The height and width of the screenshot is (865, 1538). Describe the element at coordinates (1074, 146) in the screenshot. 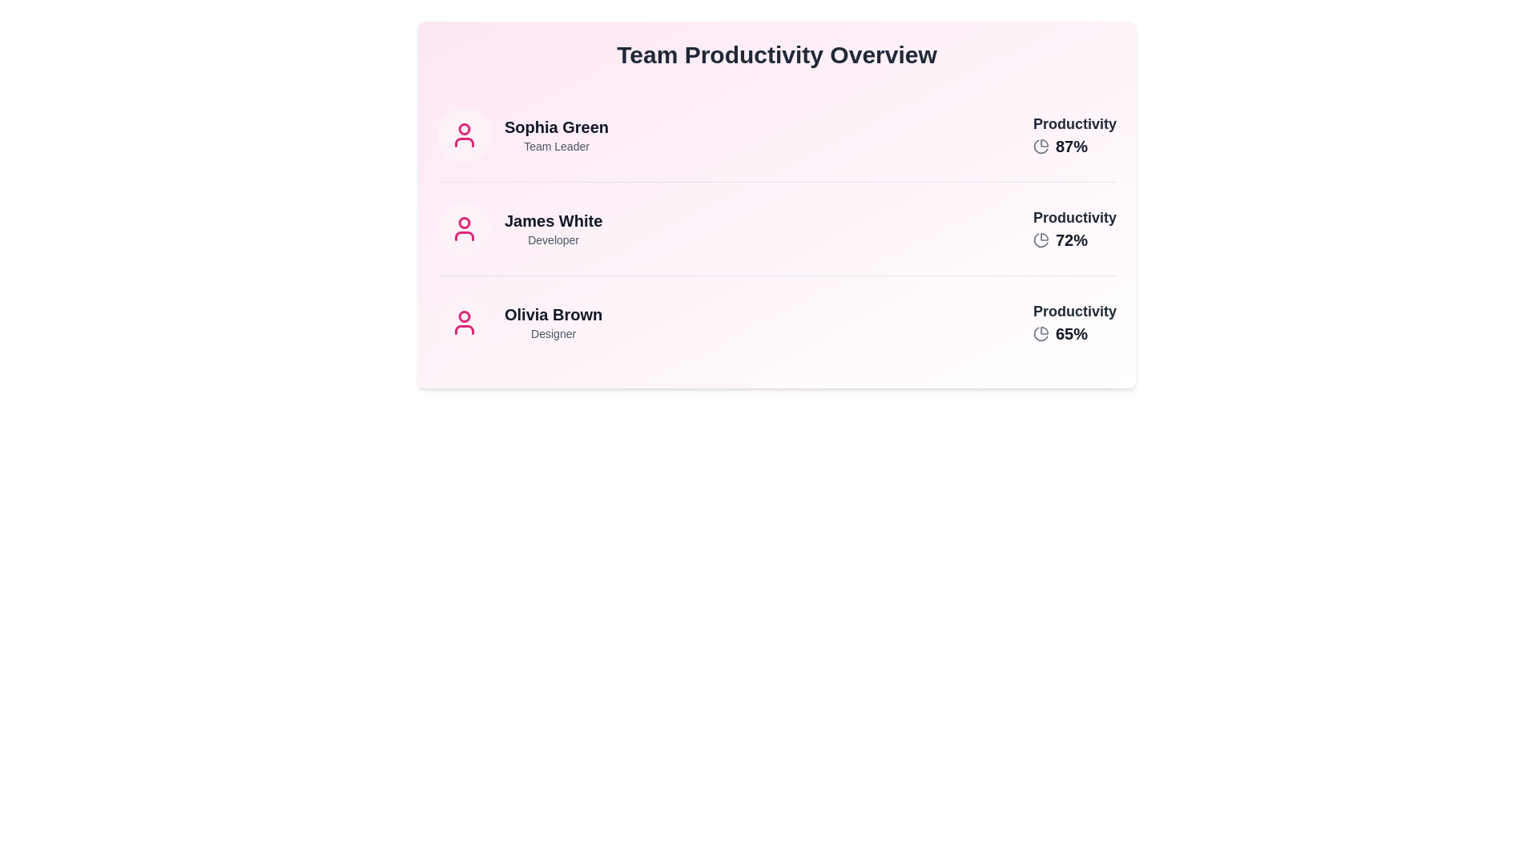

I see `the bold text displaying '87%' with an adjacent pie chart icon in the top-right section next to the 'Productivity' label` at that location.